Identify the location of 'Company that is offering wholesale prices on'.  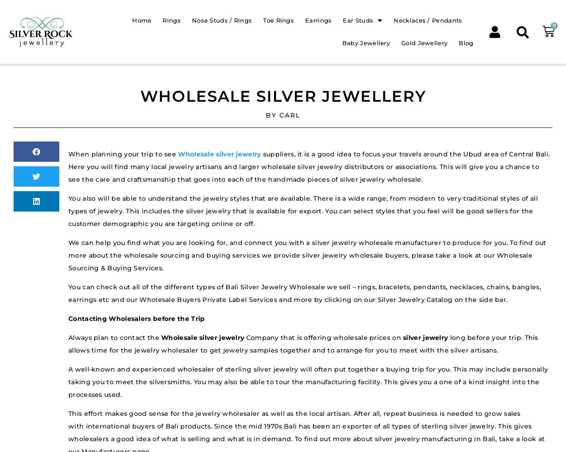
(246, 337).